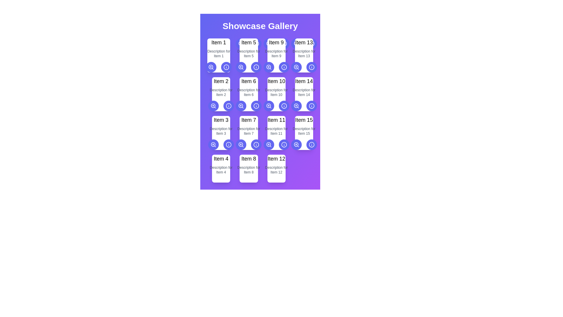  What do you see at coordinates (276, 168) in the screenshot?
I see `the card displaying information about 'Item 12' located in the fourth row, third column of the grid` at bounding box center [276, 168].